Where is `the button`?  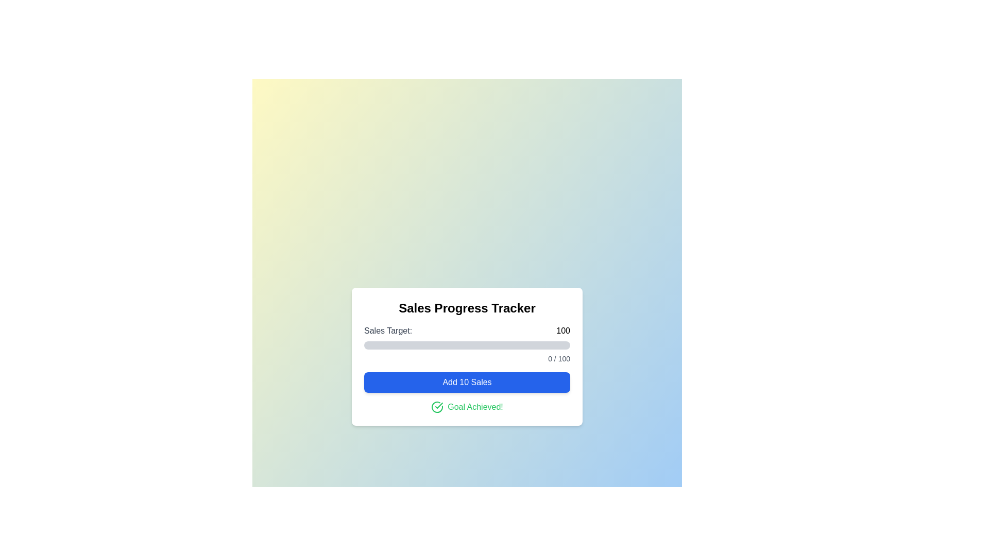 the button is located at coordinates (467, 383).